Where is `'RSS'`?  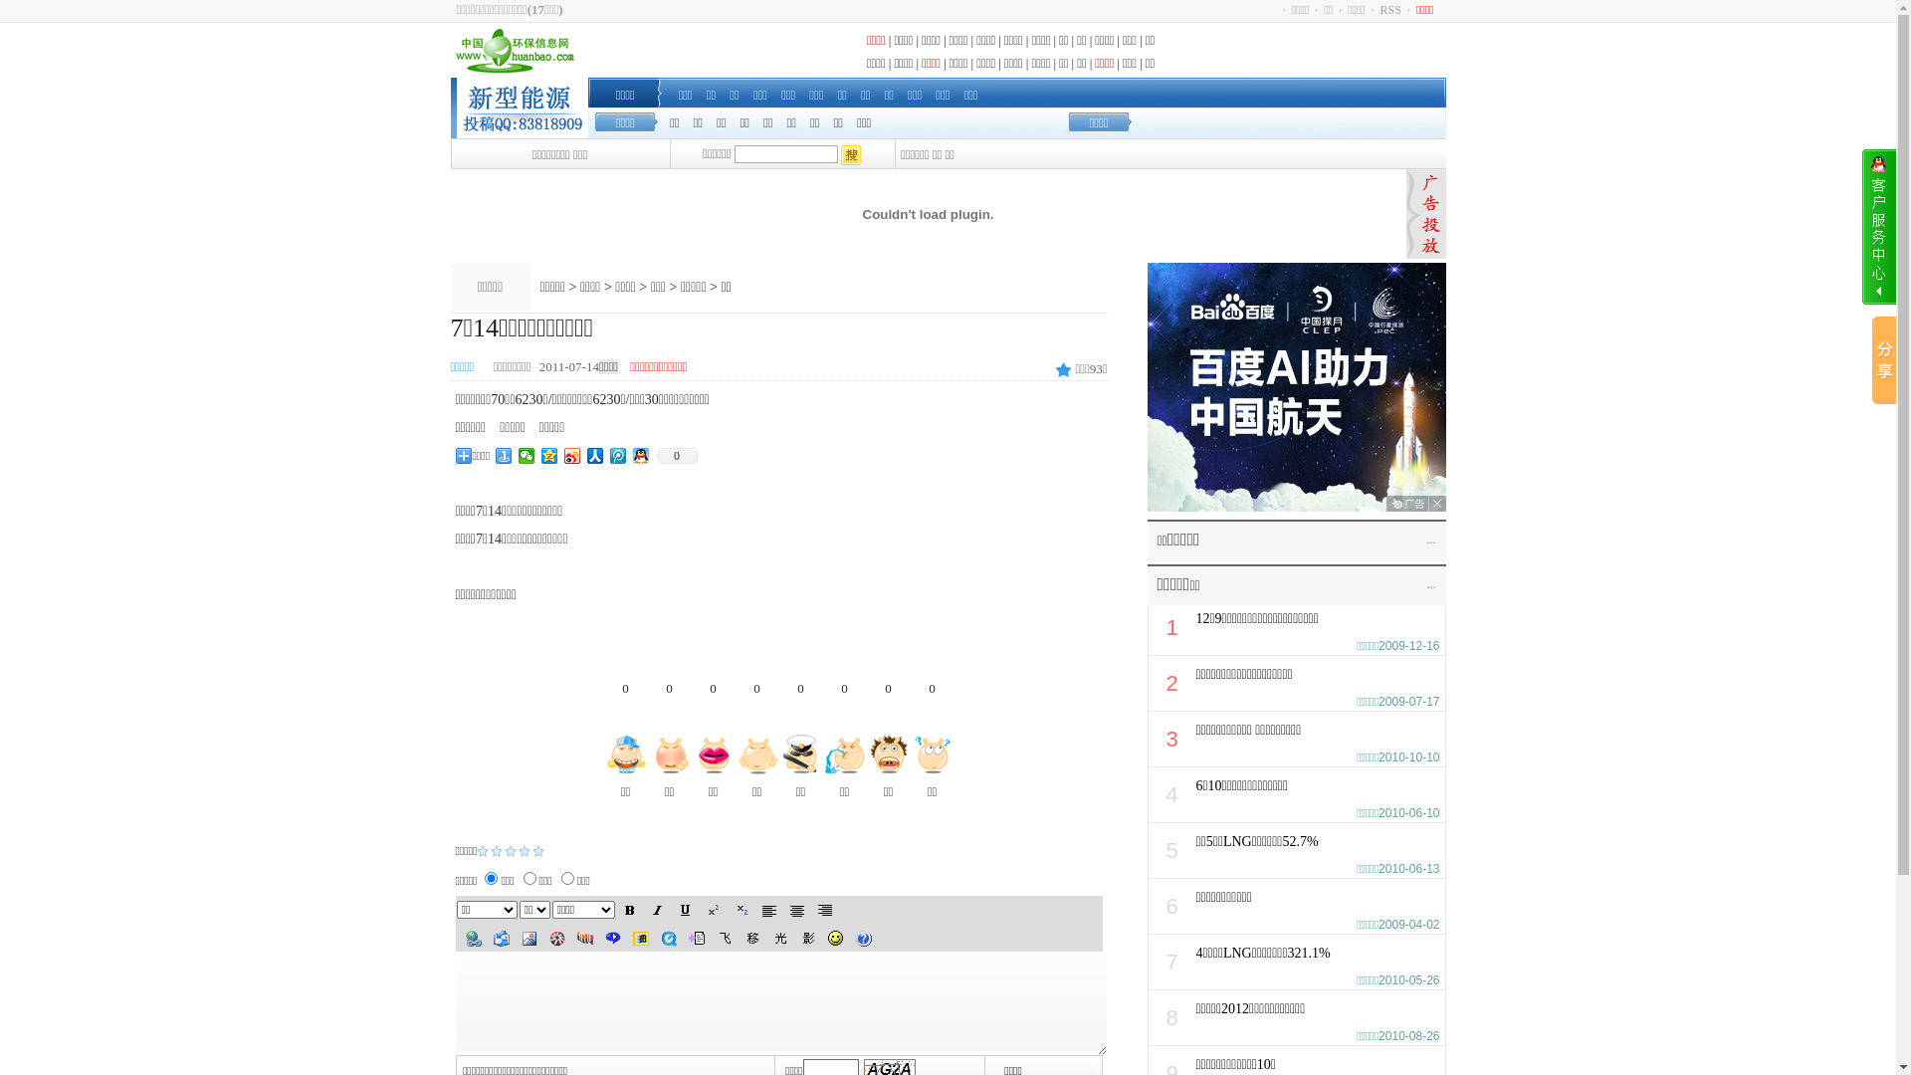 'RSS' is located at coordinates (1389, 10).